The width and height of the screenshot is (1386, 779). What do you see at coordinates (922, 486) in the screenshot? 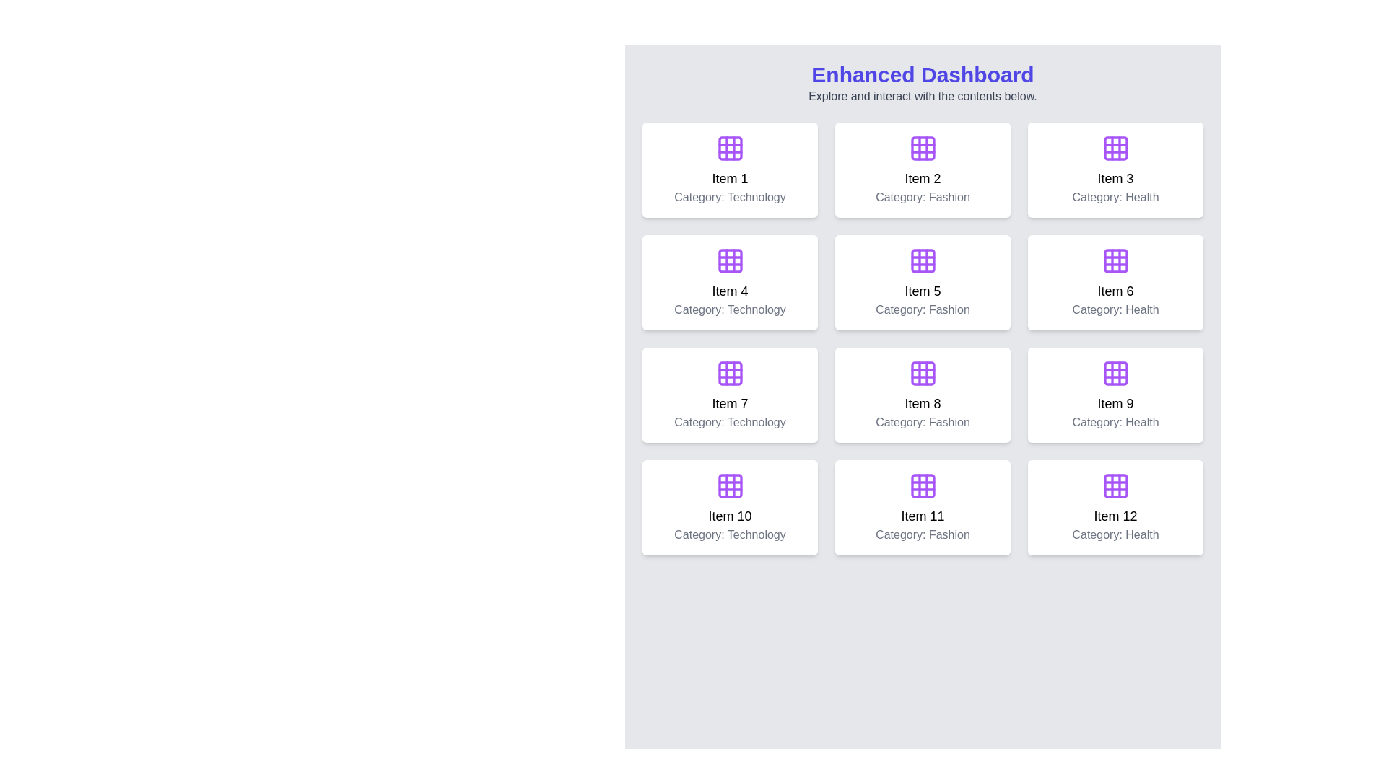
I see `the decorative icon representing the content of the card labeled 'Item 11', located at the top center of the second-to-last row in the 4x3 grid layout` at bounding box center [922, 486].